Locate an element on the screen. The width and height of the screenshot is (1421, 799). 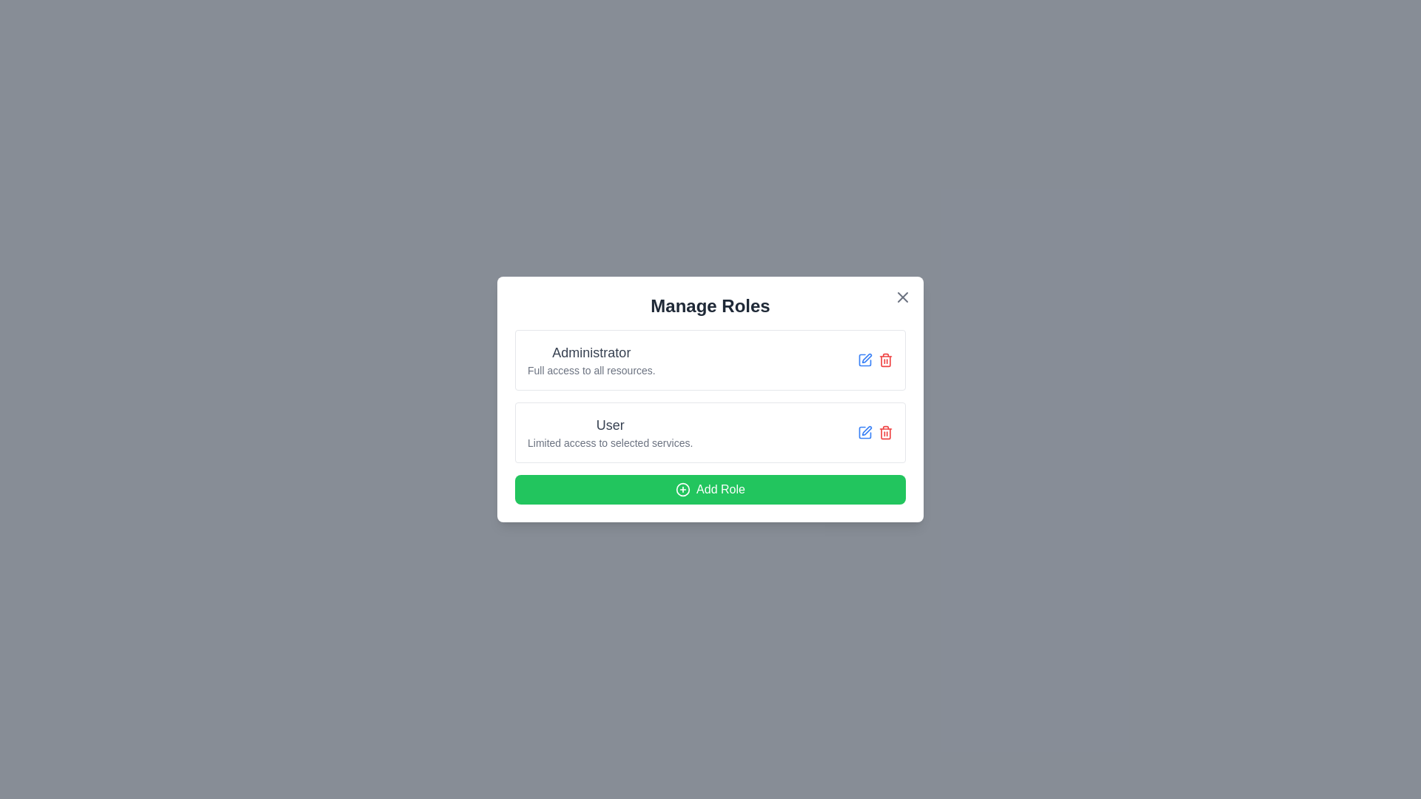
the SVG graphic icon representing a trash can located at the far right of the row in the 'Manage Roles' dialog box is located at coordinates (885, 361).